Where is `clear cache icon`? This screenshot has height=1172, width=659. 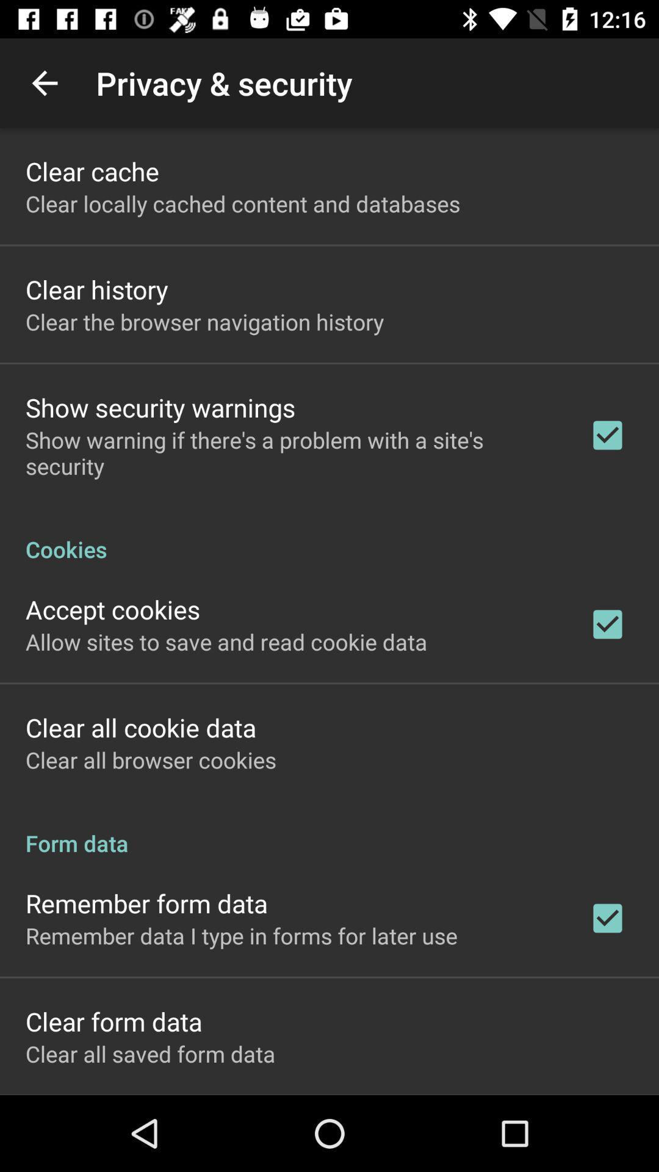 clear cache icon is located at coordinates (92, 170).